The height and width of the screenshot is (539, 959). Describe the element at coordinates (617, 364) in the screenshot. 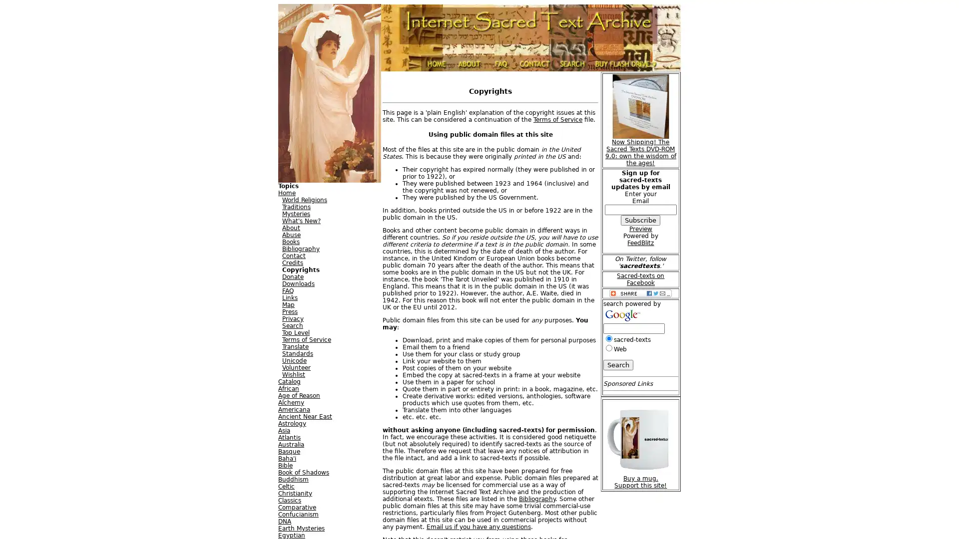

I see `Search` at that location.